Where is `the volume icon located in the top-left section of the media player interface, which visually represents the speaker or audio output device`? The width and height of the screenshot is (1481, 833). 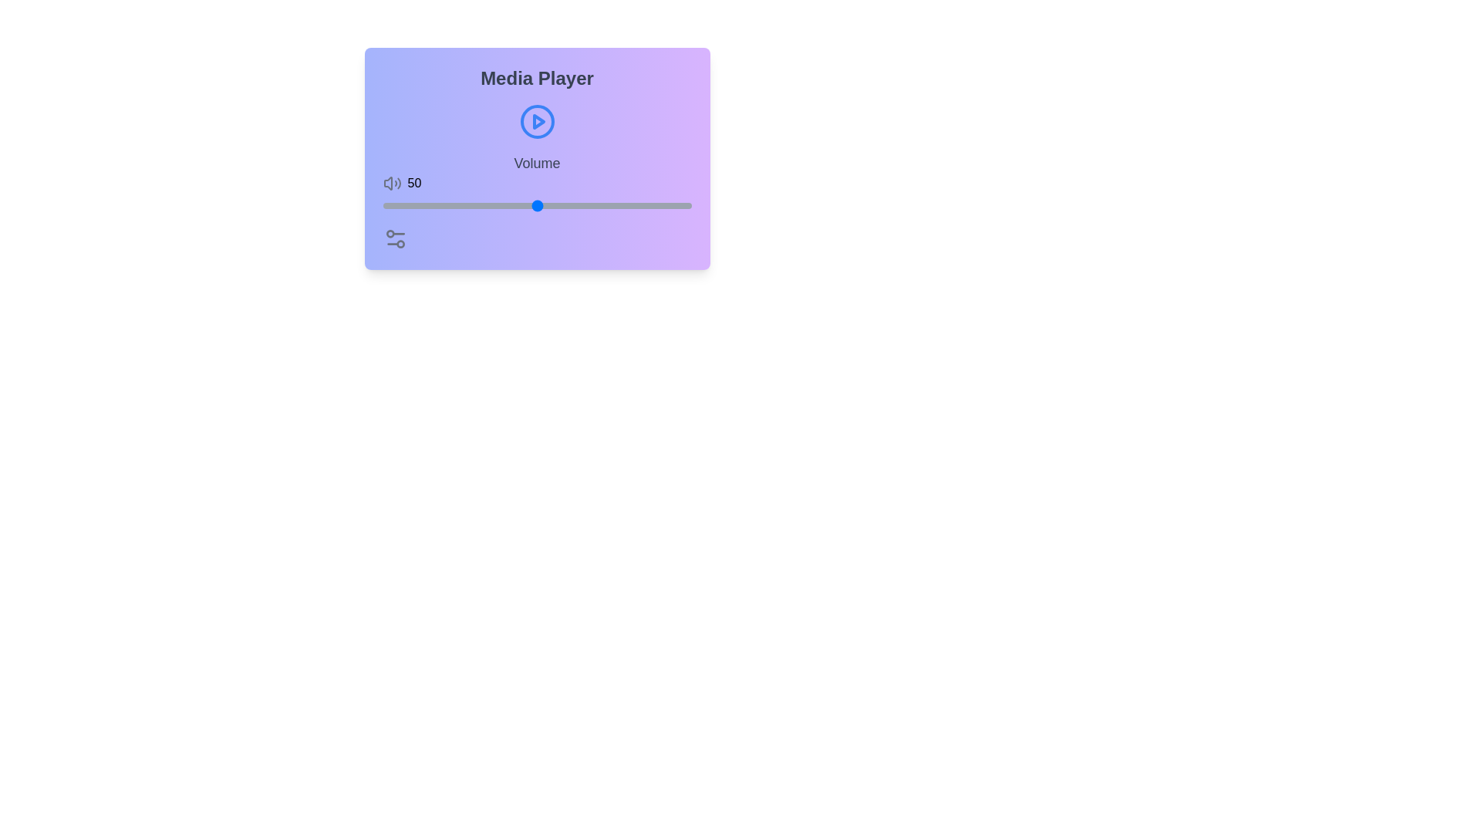
the volume icon located in the top-left section of the media player interface, which visually represents the speaker or audio output device is located at coordinates (388, 183).